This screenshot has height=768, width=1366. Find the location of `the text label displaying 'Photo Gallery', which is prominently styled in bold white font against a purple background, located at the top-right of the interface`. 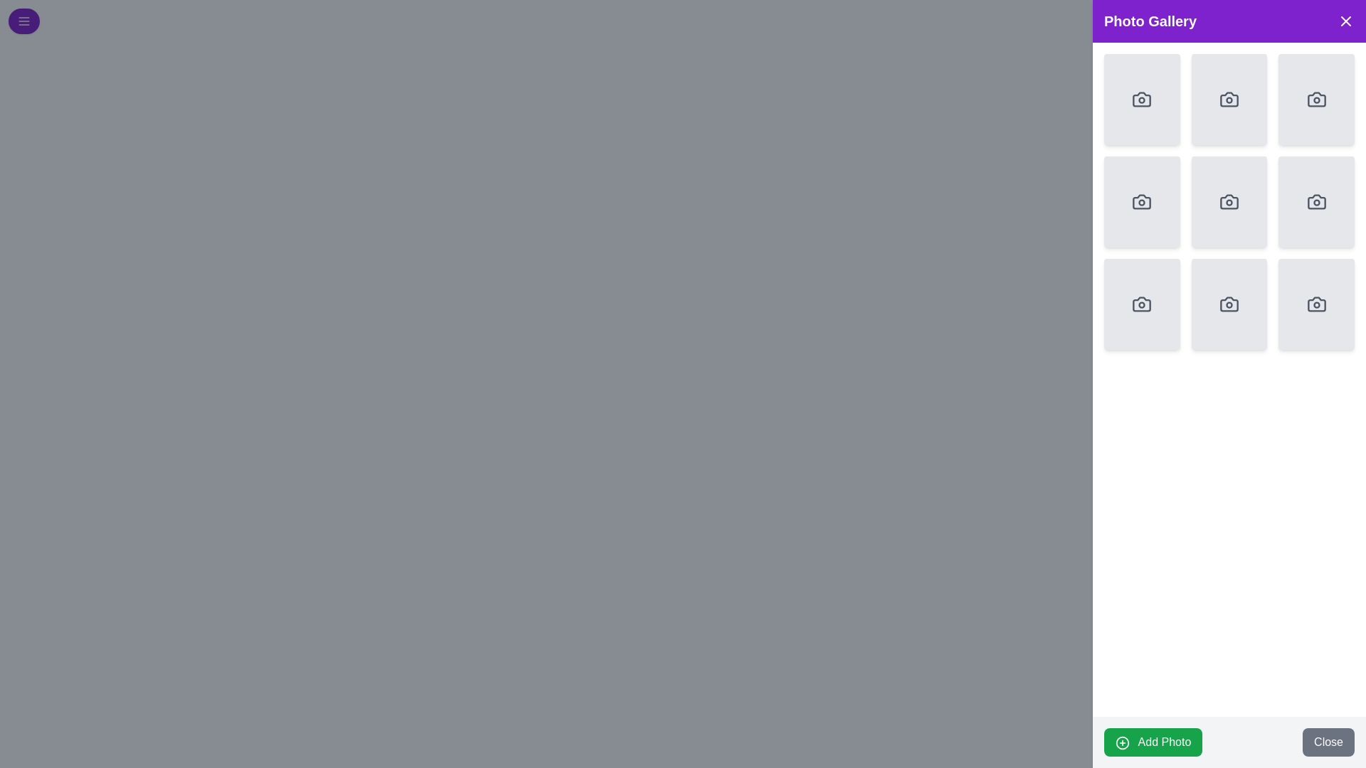

the text label displaying 'Photo Gallery', which is prominently styled in bold white font against a purple background, located at the top-right of the interface is located at coordinates (1150, 21).